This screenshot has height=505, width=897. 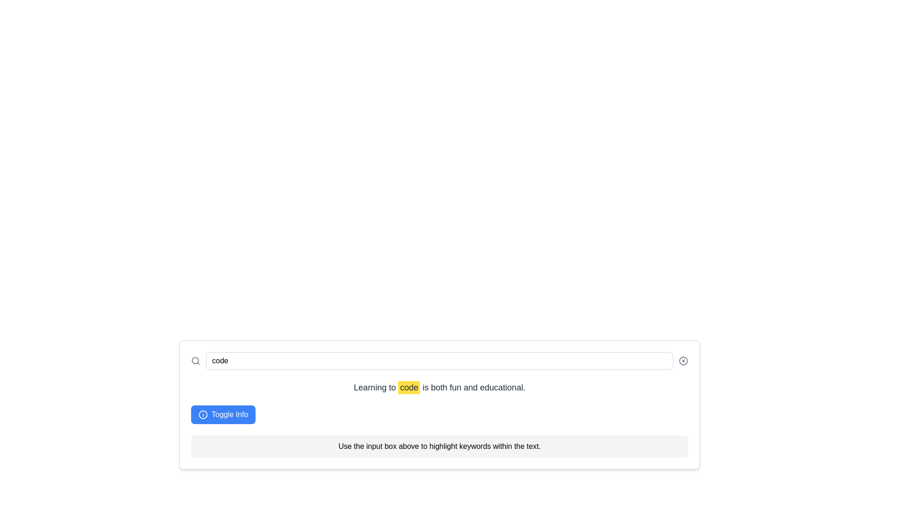 I want to click on the info icon located to the left of the 'Toggle Info' button, so click(x=203, y=414).